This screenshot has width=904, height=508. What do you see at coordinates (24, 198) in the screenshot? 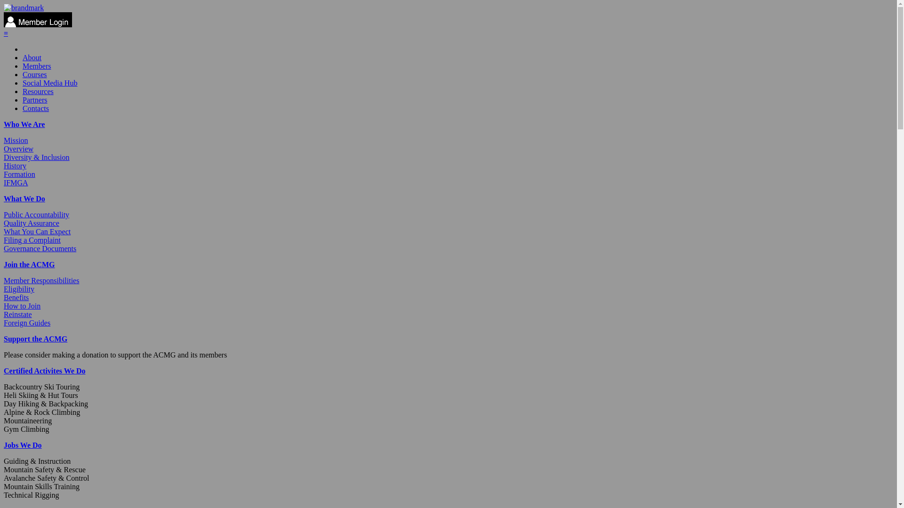
I see `'What We Do'` at bounding box center [24, 198].